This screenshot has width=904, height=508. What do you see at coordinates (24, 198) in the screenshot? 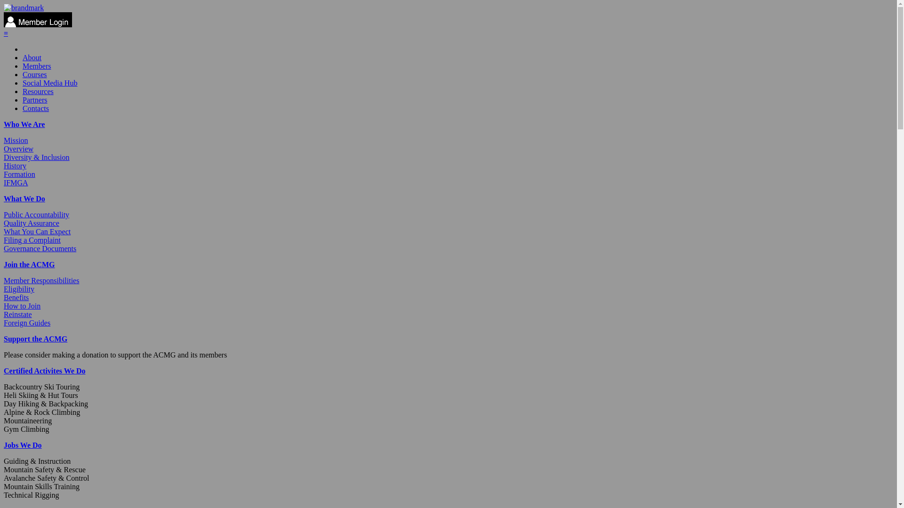
I see `'What We Do'` at bounding box center [24, 198].